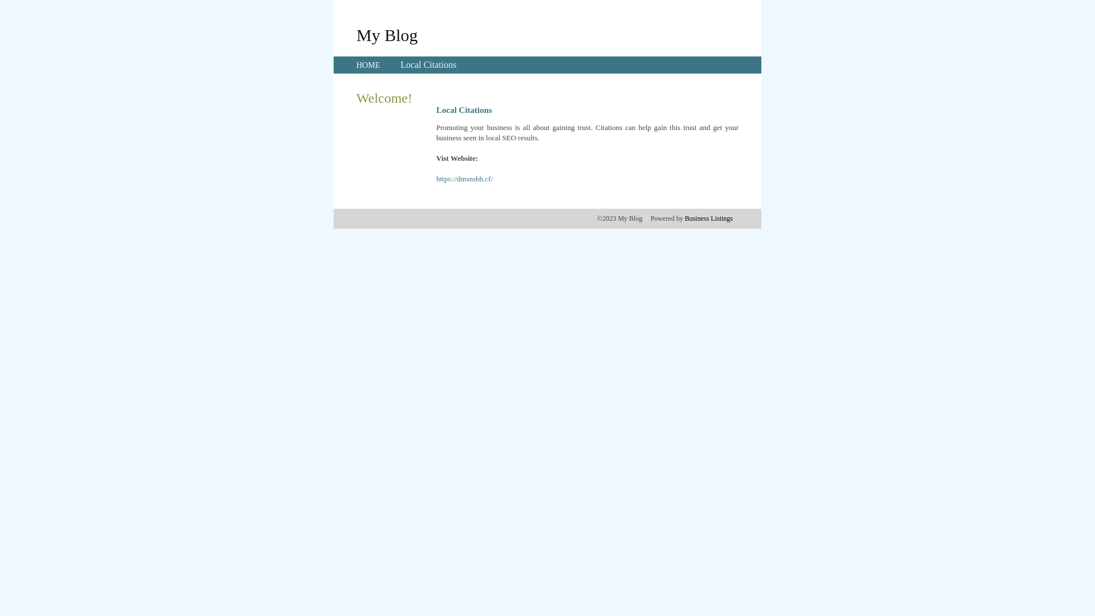 The width and height of the screenshot is (1095, 616). Describe the element at coordinates (400, 64) in the screenshot. I see `'Local Citations'` at that location.